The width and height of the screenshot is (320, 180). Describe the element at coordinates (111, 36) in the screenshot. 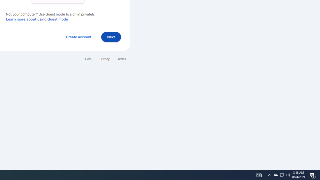

I see `'Next'` at that location.